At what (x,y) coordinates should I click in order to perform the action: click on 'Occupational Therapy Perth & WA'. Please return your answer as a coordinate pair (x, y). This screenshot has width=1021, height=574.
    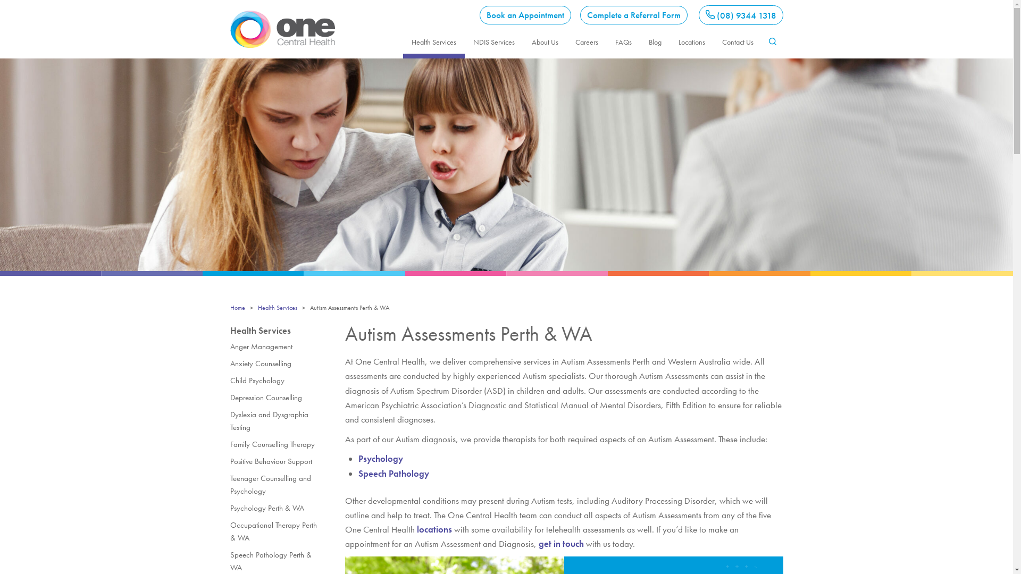
    Looking at the image, I should click on (276, 531).